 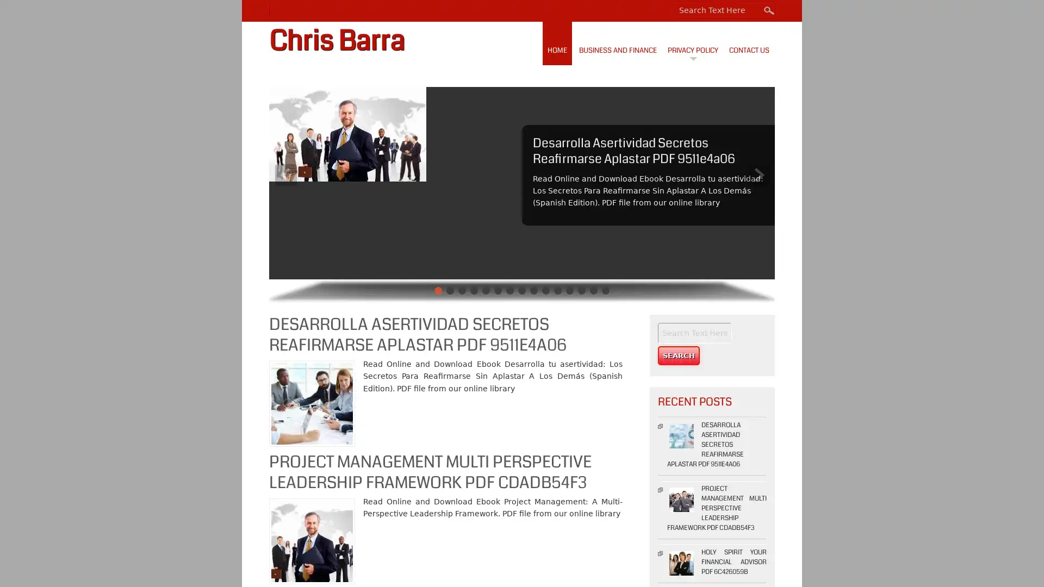 What do you see at coordinates (678, 355) in the screenshot?
I see `Search` at bounding box center [678, 355].